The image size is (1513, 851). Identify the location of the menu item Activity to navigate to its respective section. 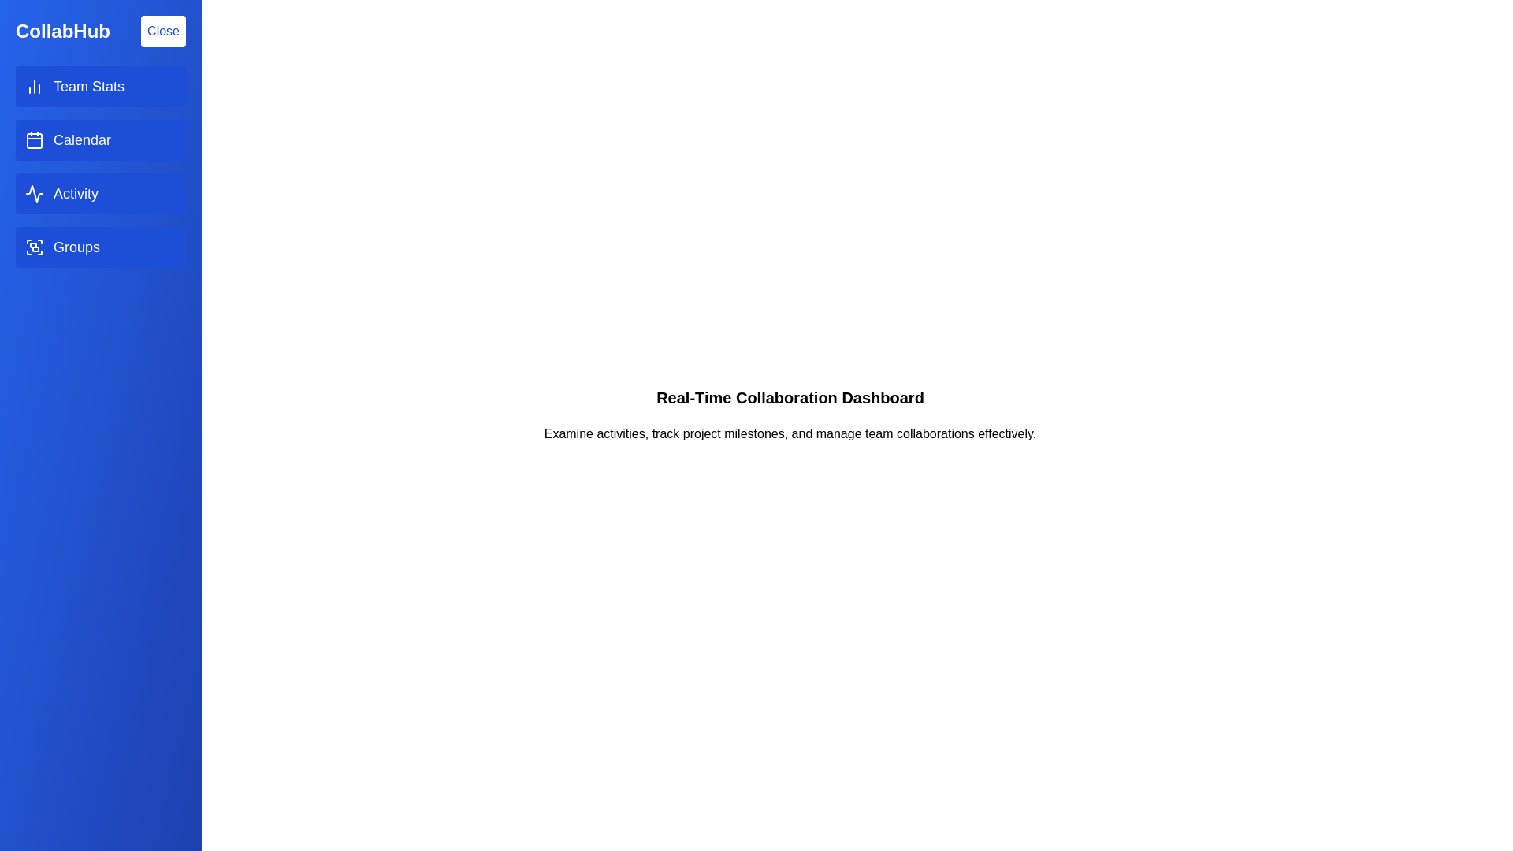
(100, 193).